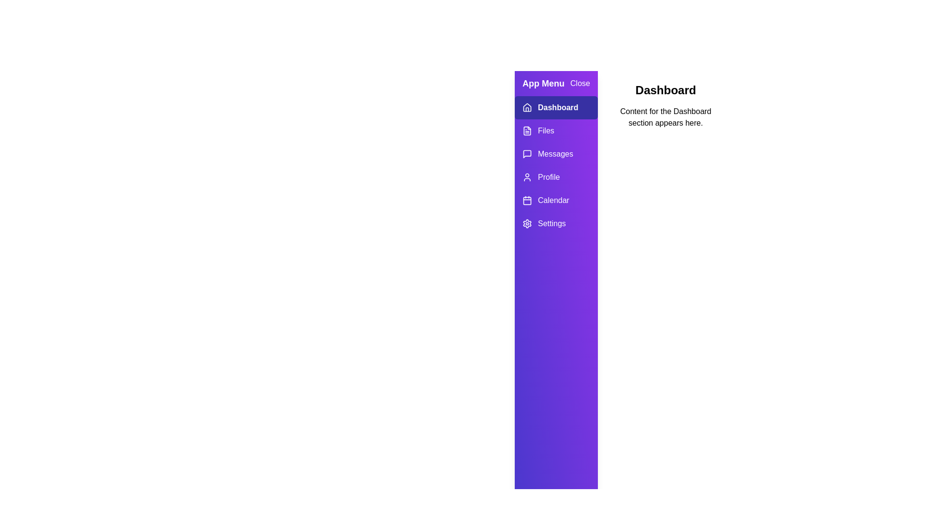 Image resolution: width=928 pixels, height=522 pixels. Describe the element at coordinates (556, 130) in the screenshot. I see `the Files tab in the menu` at that location.